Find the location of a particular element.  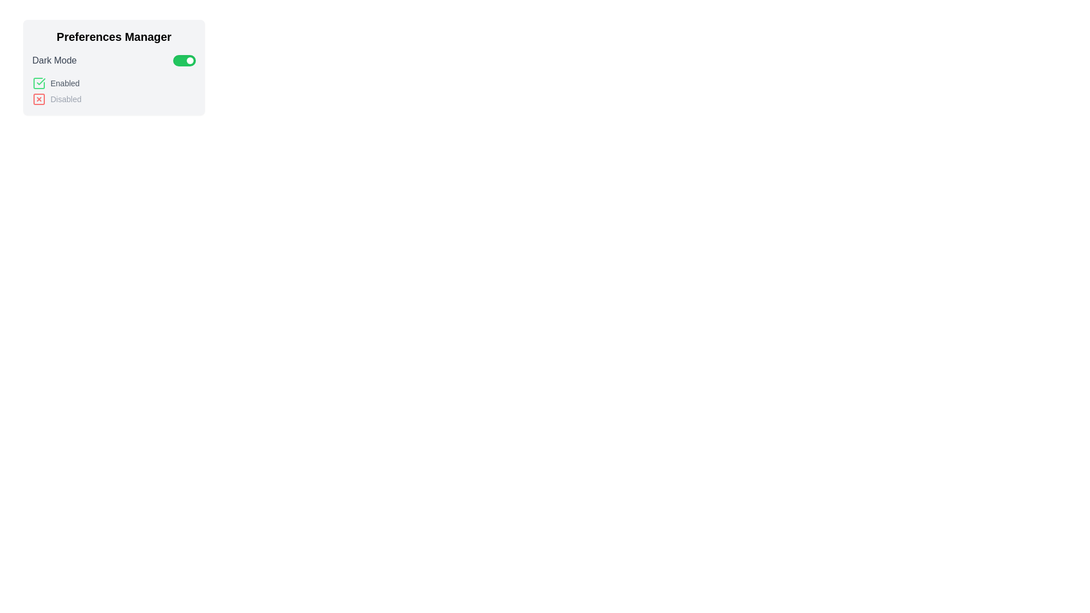

the 'Disabled' state indicator located in the Preferences Manager panel, which is the second item in the vertical list below the 'Enabled' option is located at coordinates (114, 98).